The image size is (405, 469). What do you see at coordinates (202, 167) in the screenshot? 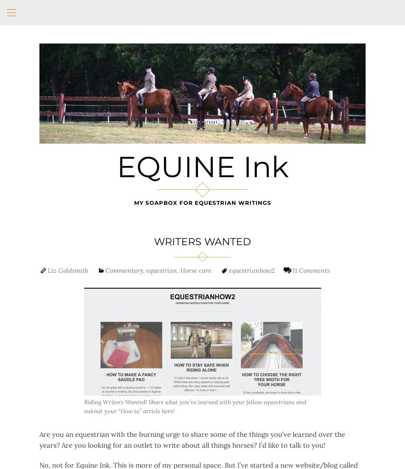
I see `'EQUINE Ink'` at bounding box center [202, 167].